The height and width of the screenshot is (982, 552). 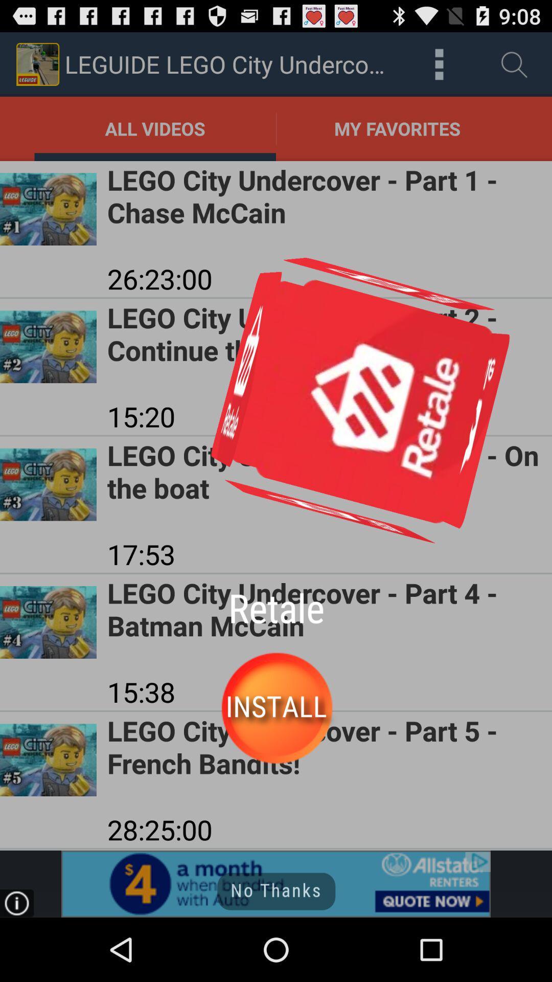 I want to click on all videos downloaded, so click(x=439, y=63).